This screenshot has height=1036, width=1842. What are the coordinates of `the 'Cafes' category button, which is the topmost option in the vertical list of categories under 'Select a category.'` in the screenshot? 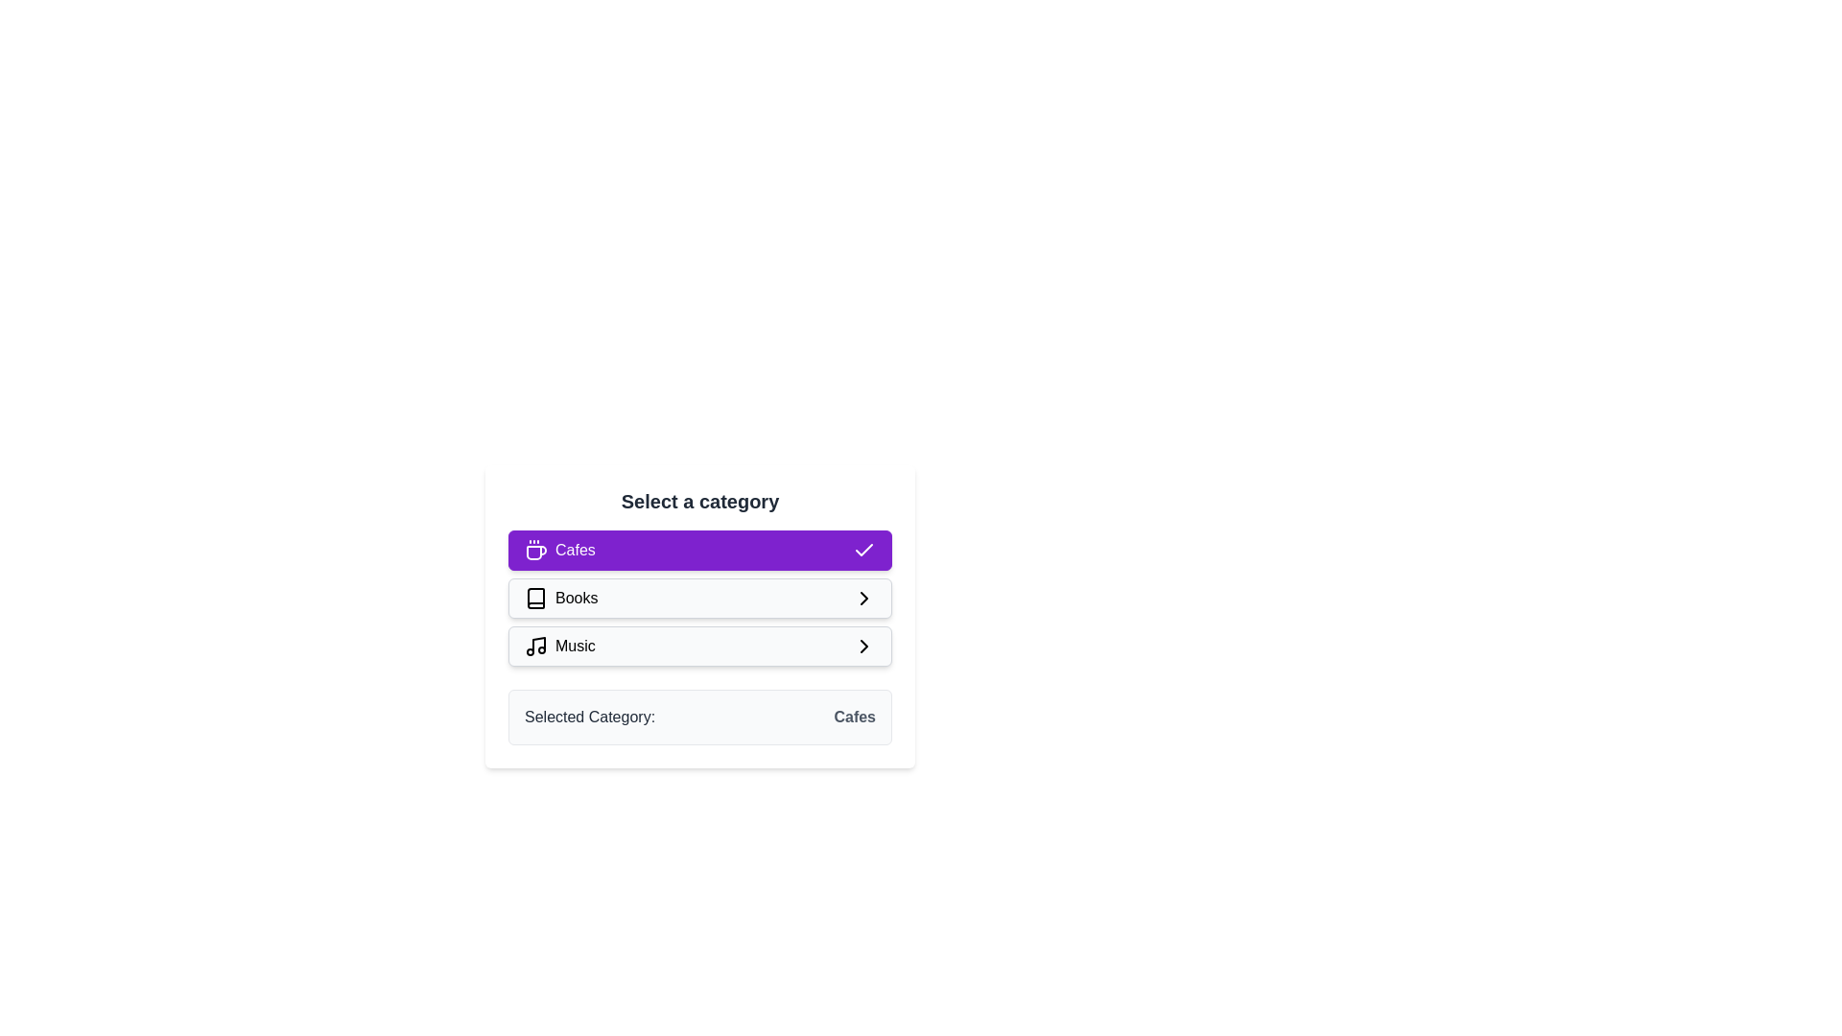 It's located at (698, 551).